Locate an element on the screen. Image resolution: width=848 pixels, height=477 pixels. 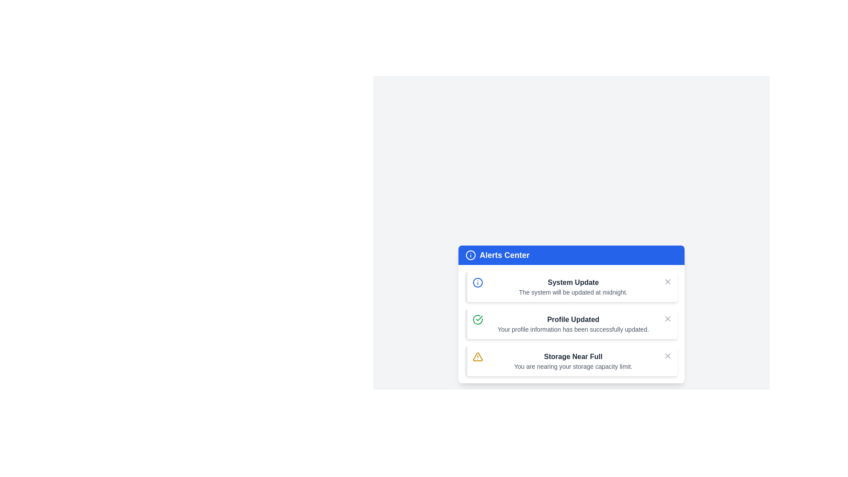
notification text that says 'Profile Updated' and 'Your profile information has been successfully updated.' located in the Alerts Center under the second entry of notifications is located at coordinates (573, 324).